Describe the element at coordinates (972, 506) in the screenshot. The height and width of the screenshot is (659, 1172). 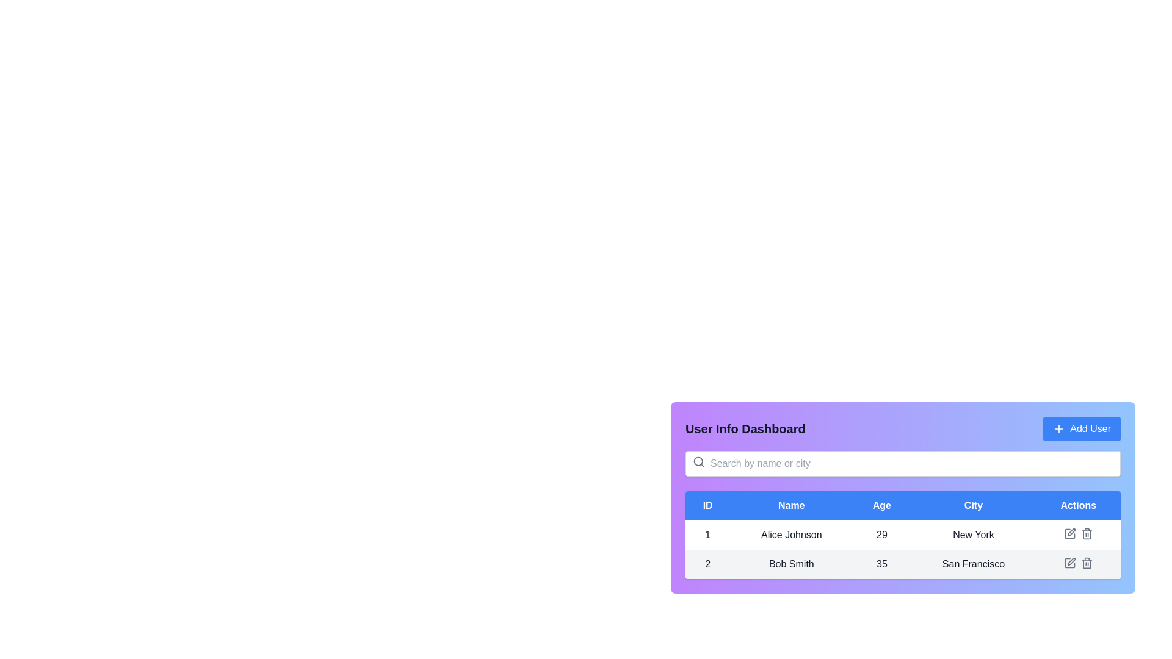
I see `the fourth tab in the header of the table that indicates city-related data, located between the 'Age' tab and the 'Actions' tab` at that location.